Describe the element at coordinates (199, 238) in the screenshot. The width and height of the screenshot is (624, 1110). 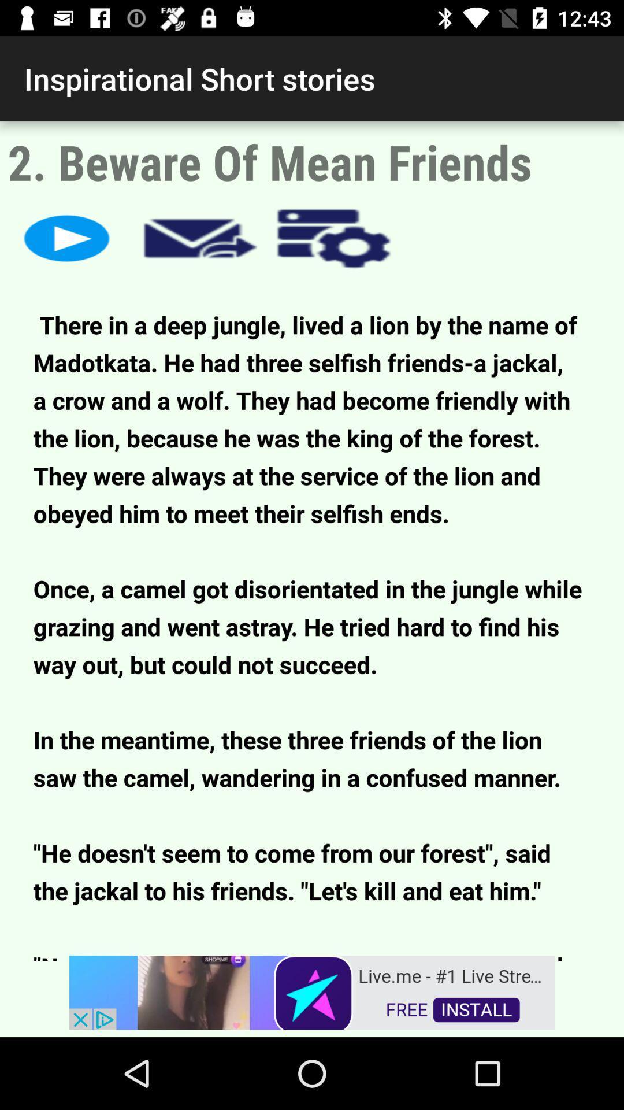
I see `share with friends or send a message` at that location.